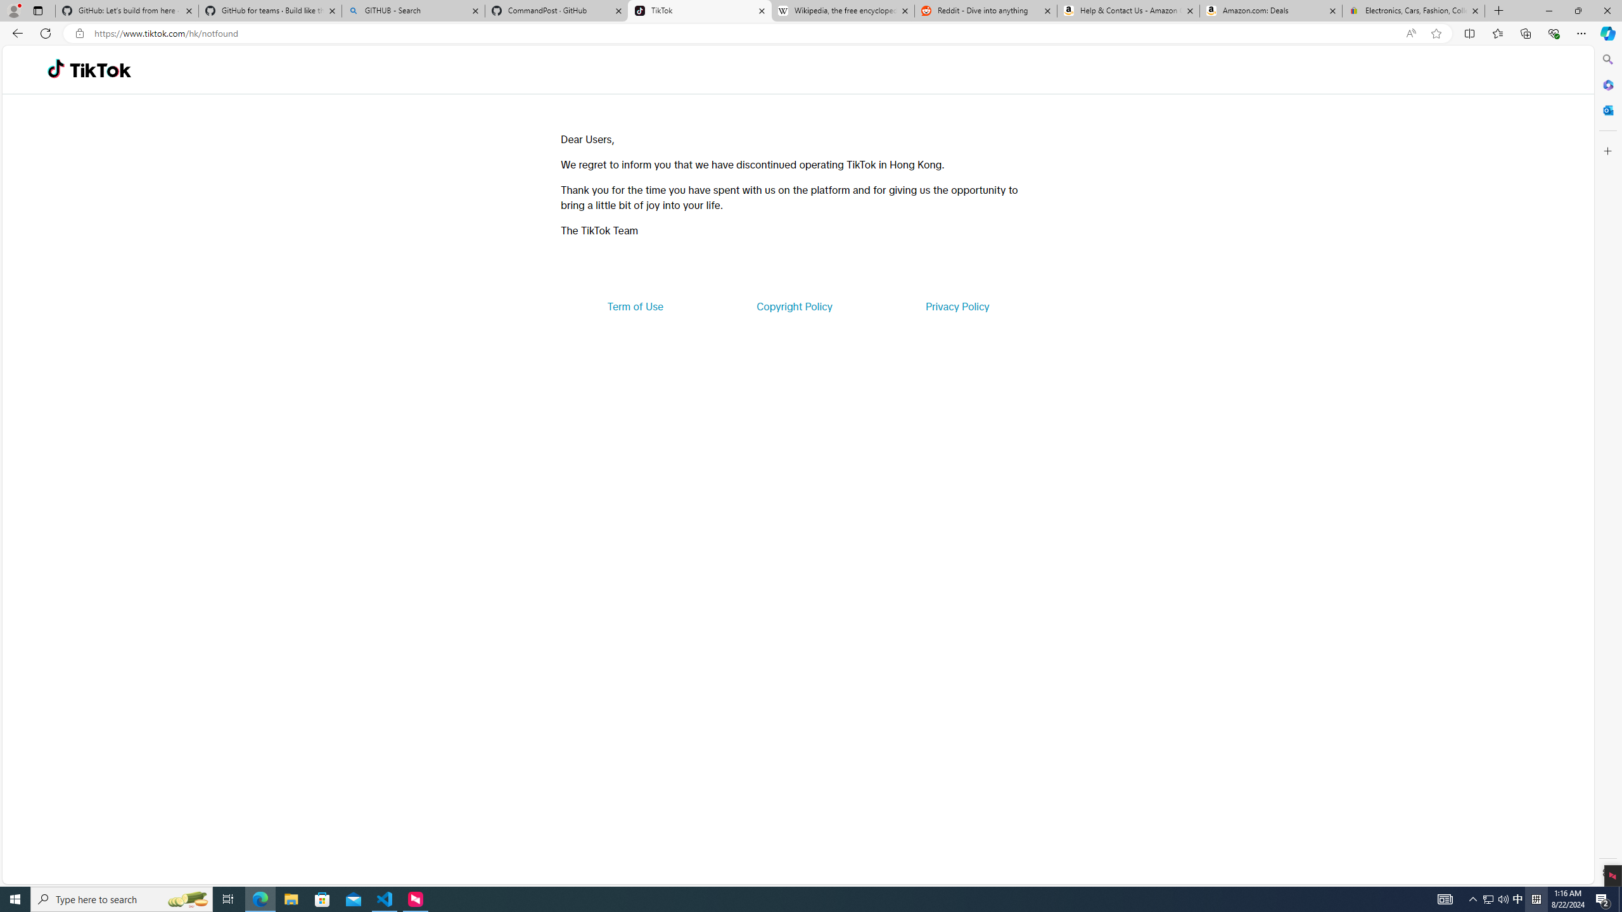 The height and width of the screenshot is (912, 1622). I want to click on 'Refresh', so click(44, 32).